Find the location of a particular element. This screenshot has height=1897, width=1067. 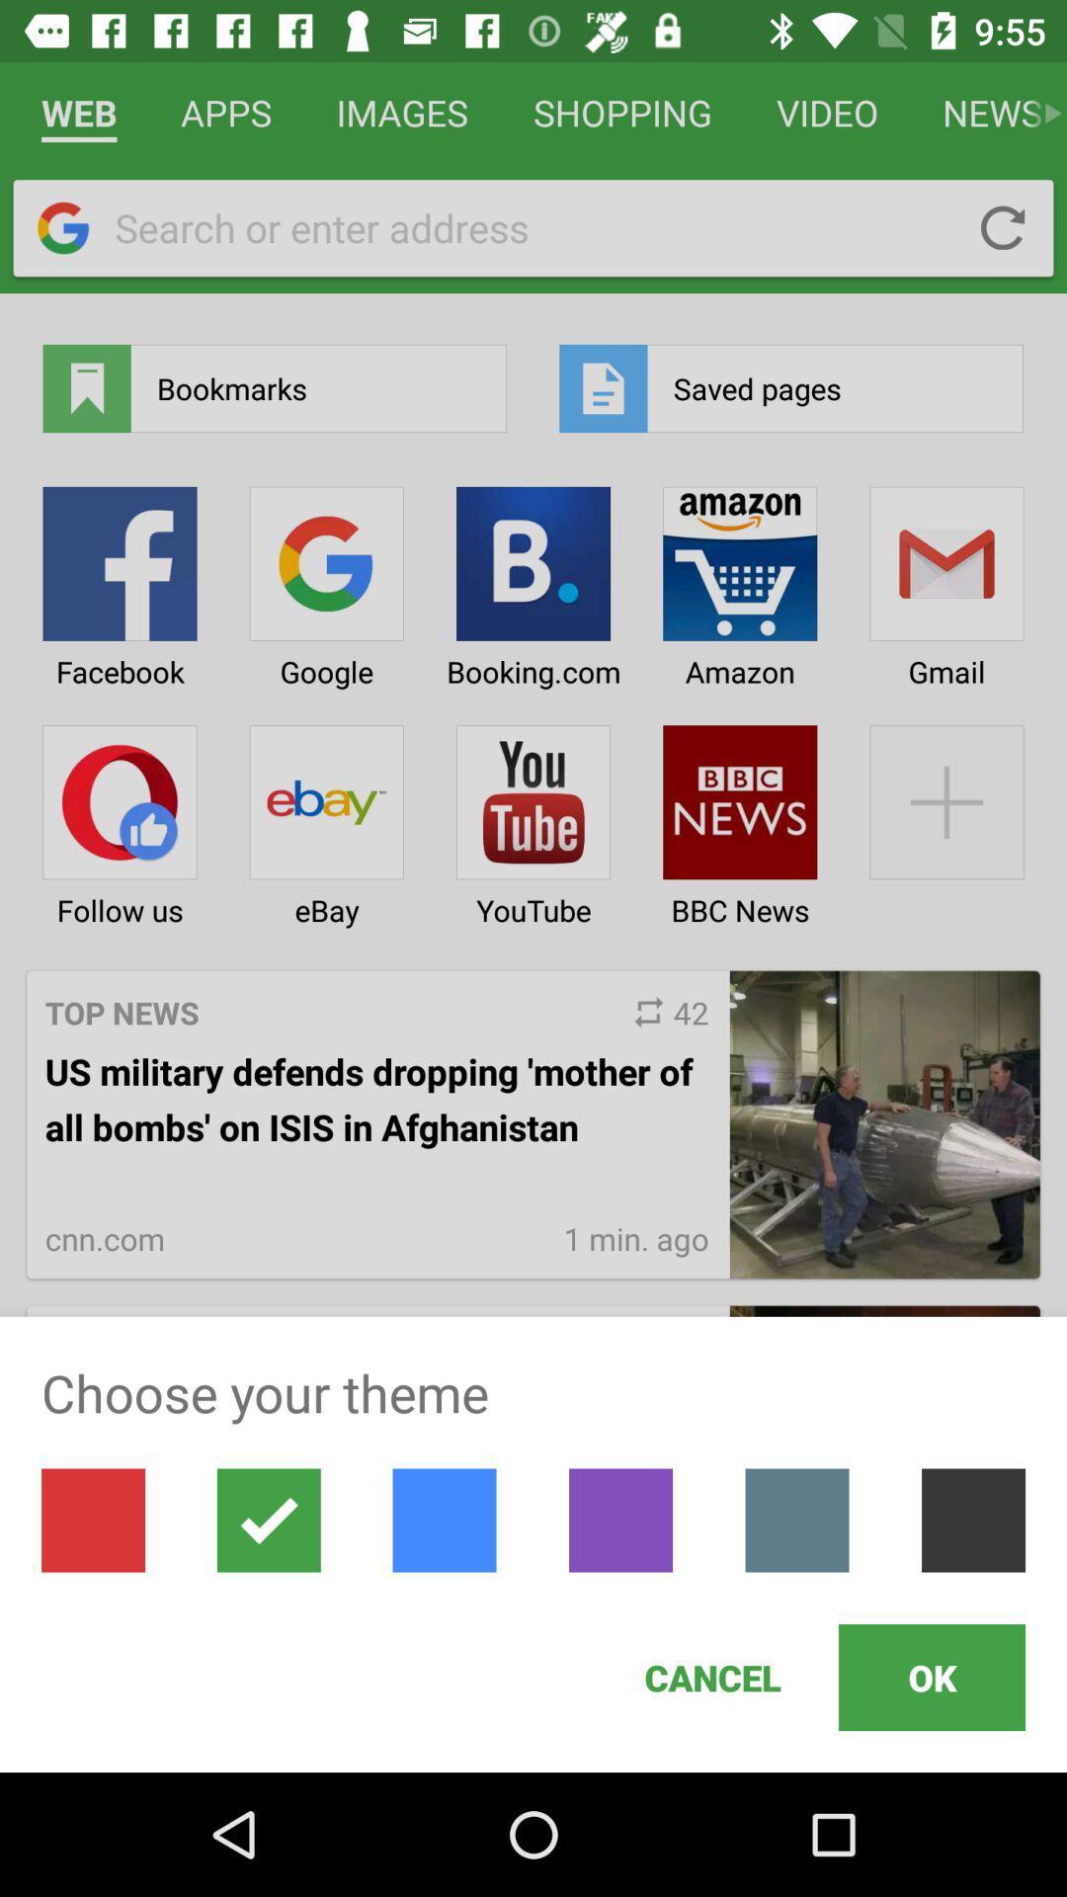

the ok button at the bottom of the page is located at coordinates (959, 1712).